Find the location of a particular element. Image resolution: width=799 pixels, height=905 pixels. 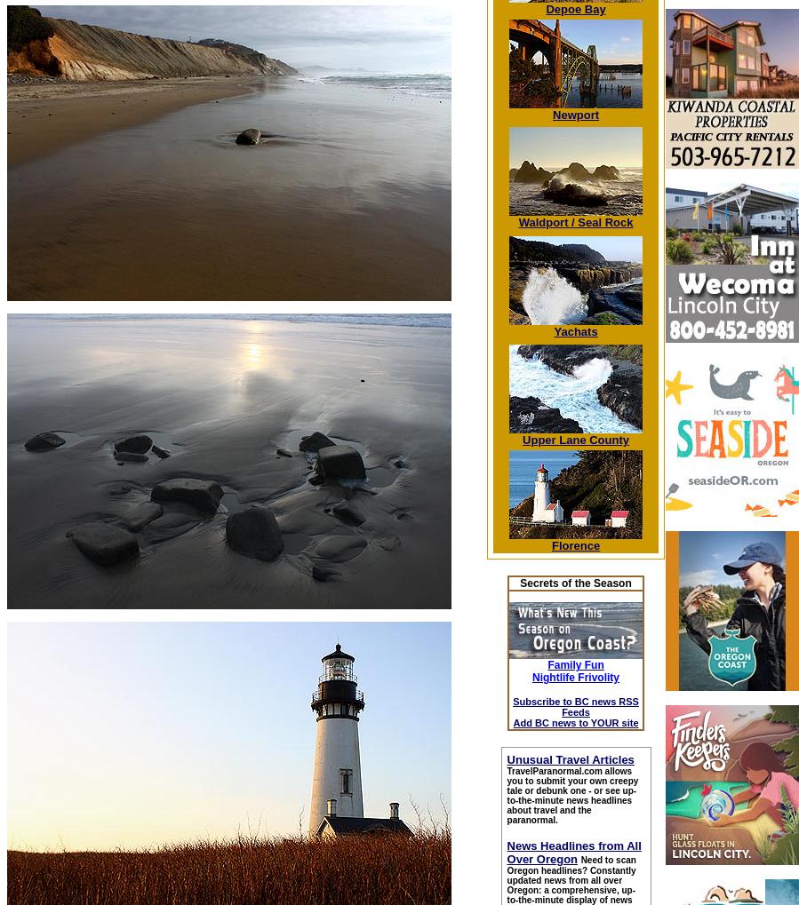

'Waldport / Seal Rock' is located at coordinates (574, 222).